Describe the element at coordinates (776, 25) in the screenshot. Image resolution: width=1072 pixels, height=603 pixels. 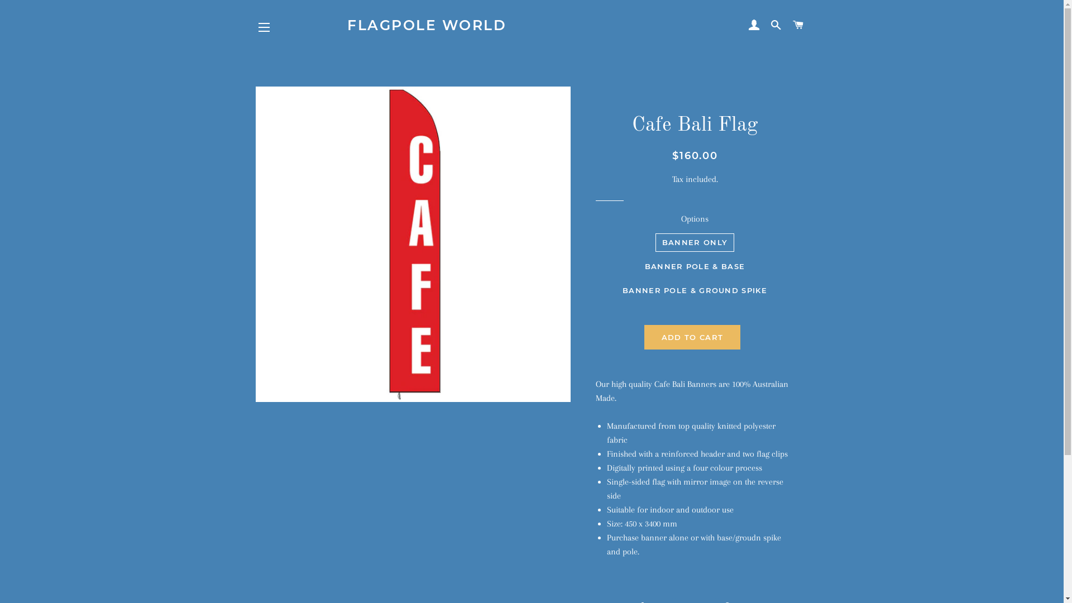
I see `'SEARCH'` at that location.